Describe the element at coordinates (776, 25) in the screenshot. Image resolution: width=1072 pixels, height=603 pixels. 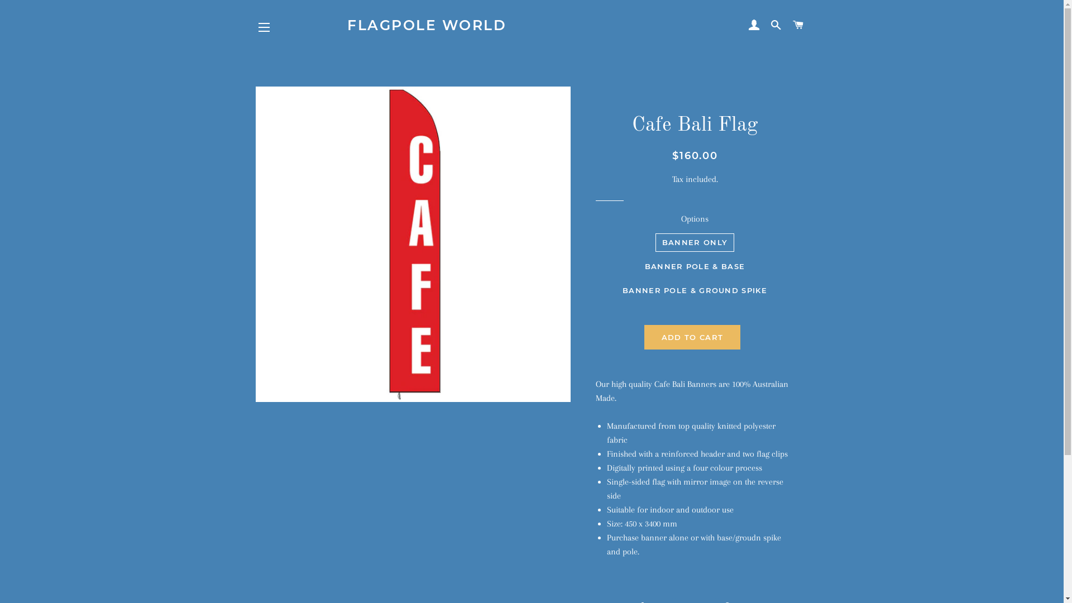
I see `'SEARCH'` at that location.